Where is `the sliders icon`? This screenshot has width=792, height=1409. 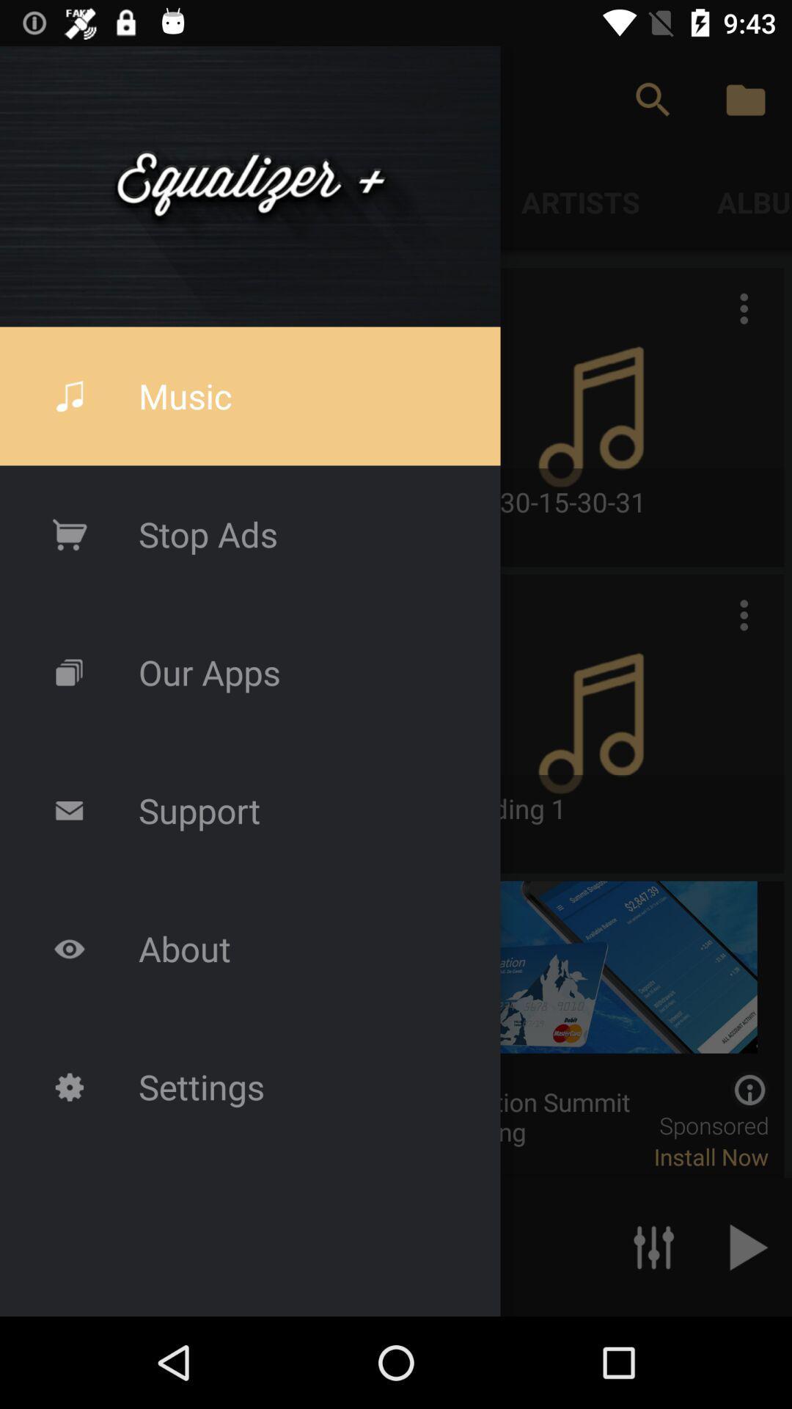
the sliders icon is located at coordinates (653, 1246).